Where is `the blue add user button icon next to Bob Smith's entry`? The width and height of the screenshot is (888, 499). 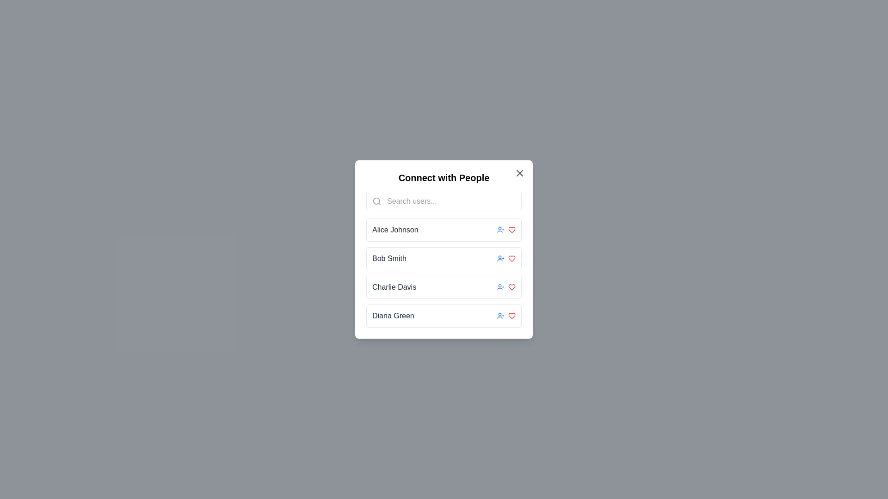
the blue add user button icon next to Bob Smith's entry is located at coordinates (500, 258).